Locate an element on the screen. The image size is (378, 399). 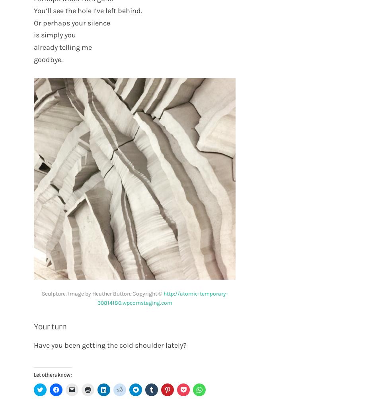
'goodbye.' is located at coordinates (48, 59).